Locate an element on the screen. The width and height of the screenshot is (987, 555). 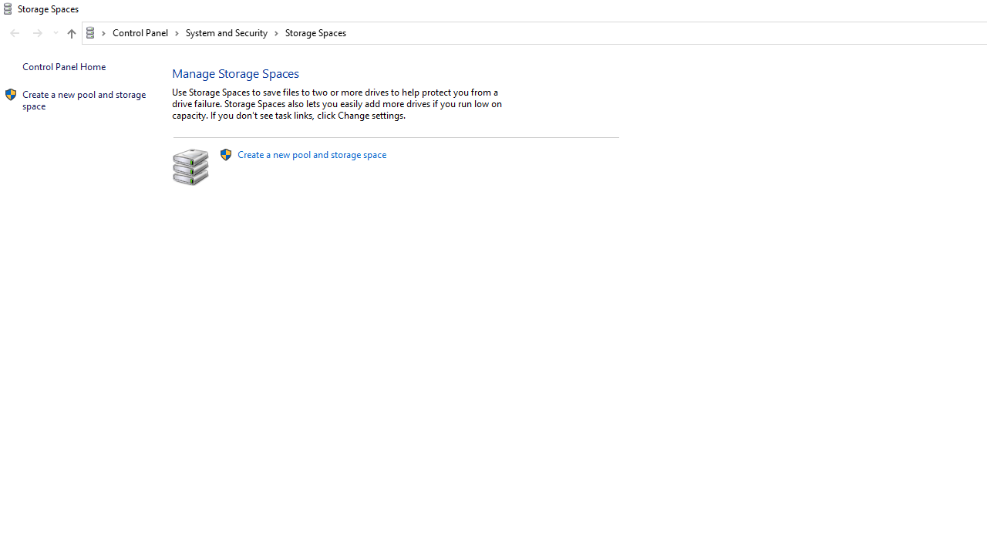
'Forward (Alt + Right Arrow)' is located at coordinates (38, 33).